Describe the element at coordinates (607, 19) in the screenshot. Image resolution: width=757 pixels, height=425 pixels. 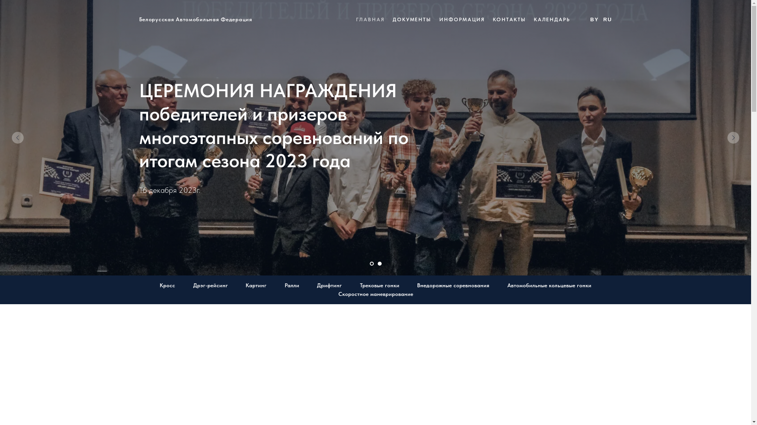
I see `'RU'` at that location.